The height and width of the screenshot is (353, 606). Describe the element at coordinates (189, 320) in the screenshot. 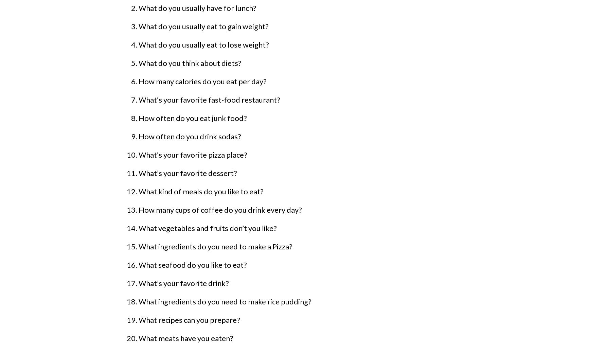

I see `'What recipes can
you prepare?'` at that location.